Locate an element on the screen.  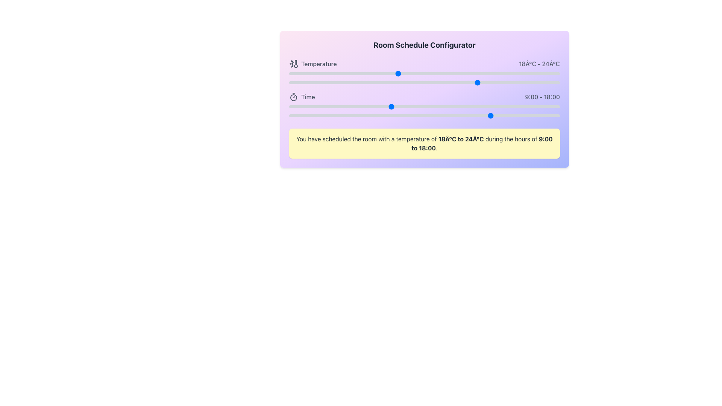
the slider is located at coordinates (465, 72).